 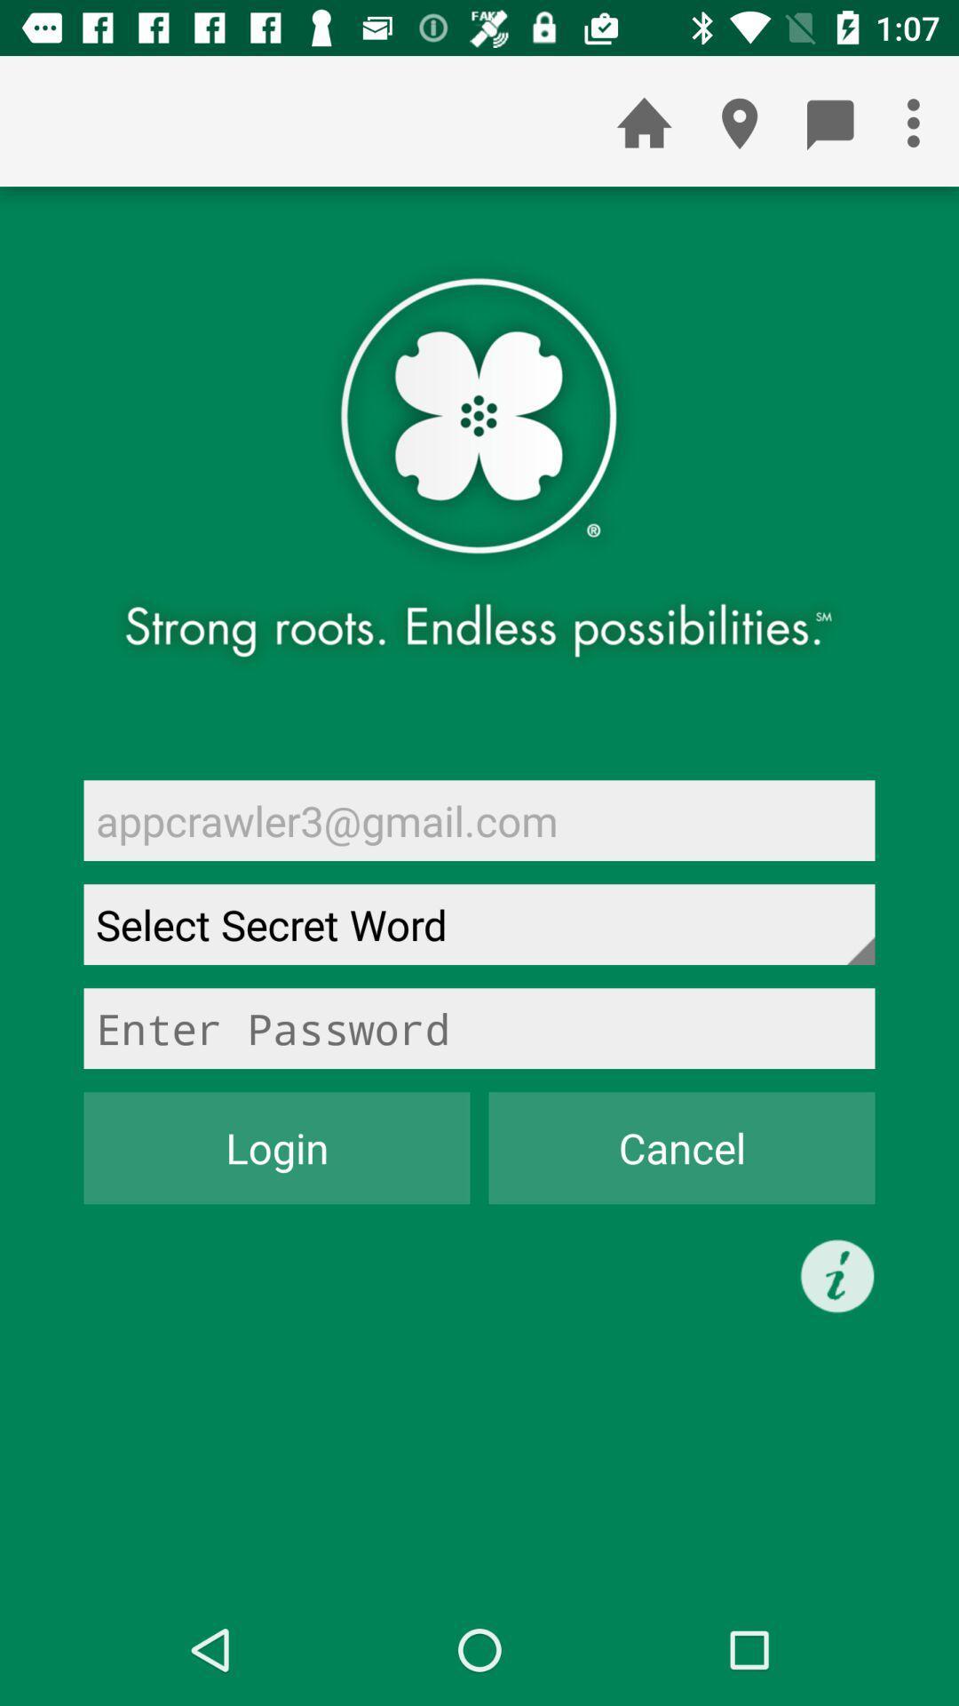 I want to click on the appcrawler3@gmail.com item, so click(x=479, y=819).